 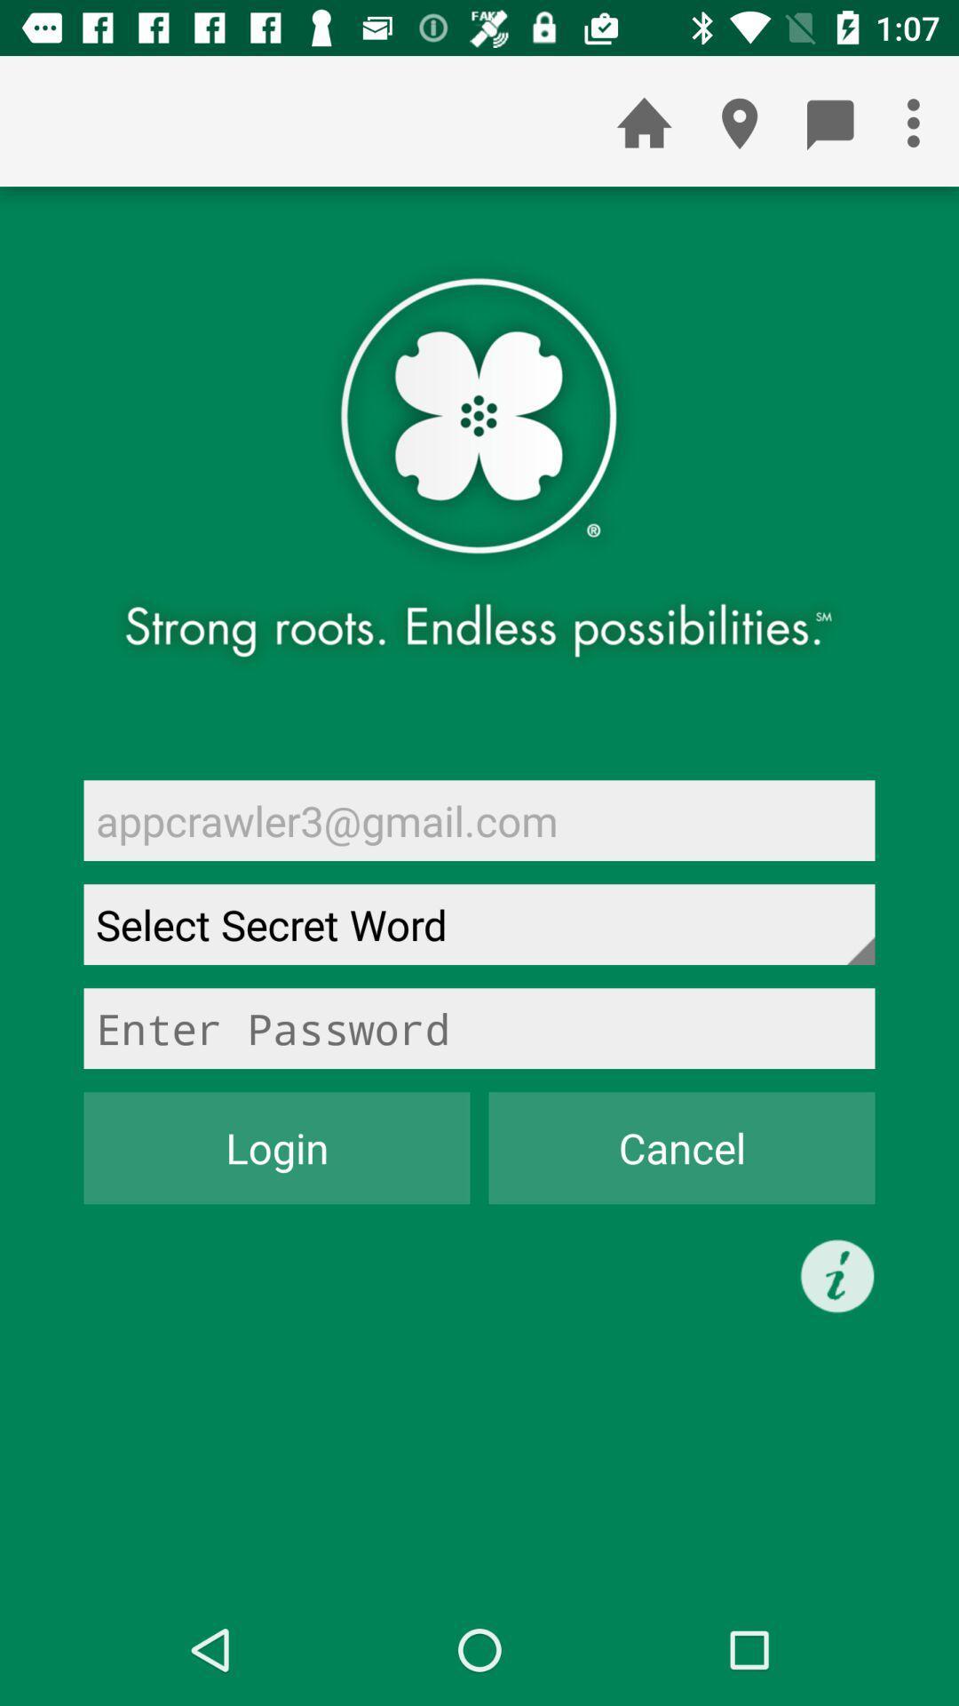 I want to click on the appcrawler3@gmail.com item, so click(x=479, y=819).